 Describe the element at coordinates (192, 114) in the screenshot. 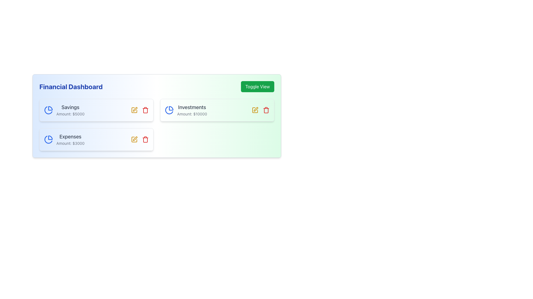

I see `the static text element displaying 'Amount: $10000', which is located below the 'Investments' header in the Investments section` at that location.